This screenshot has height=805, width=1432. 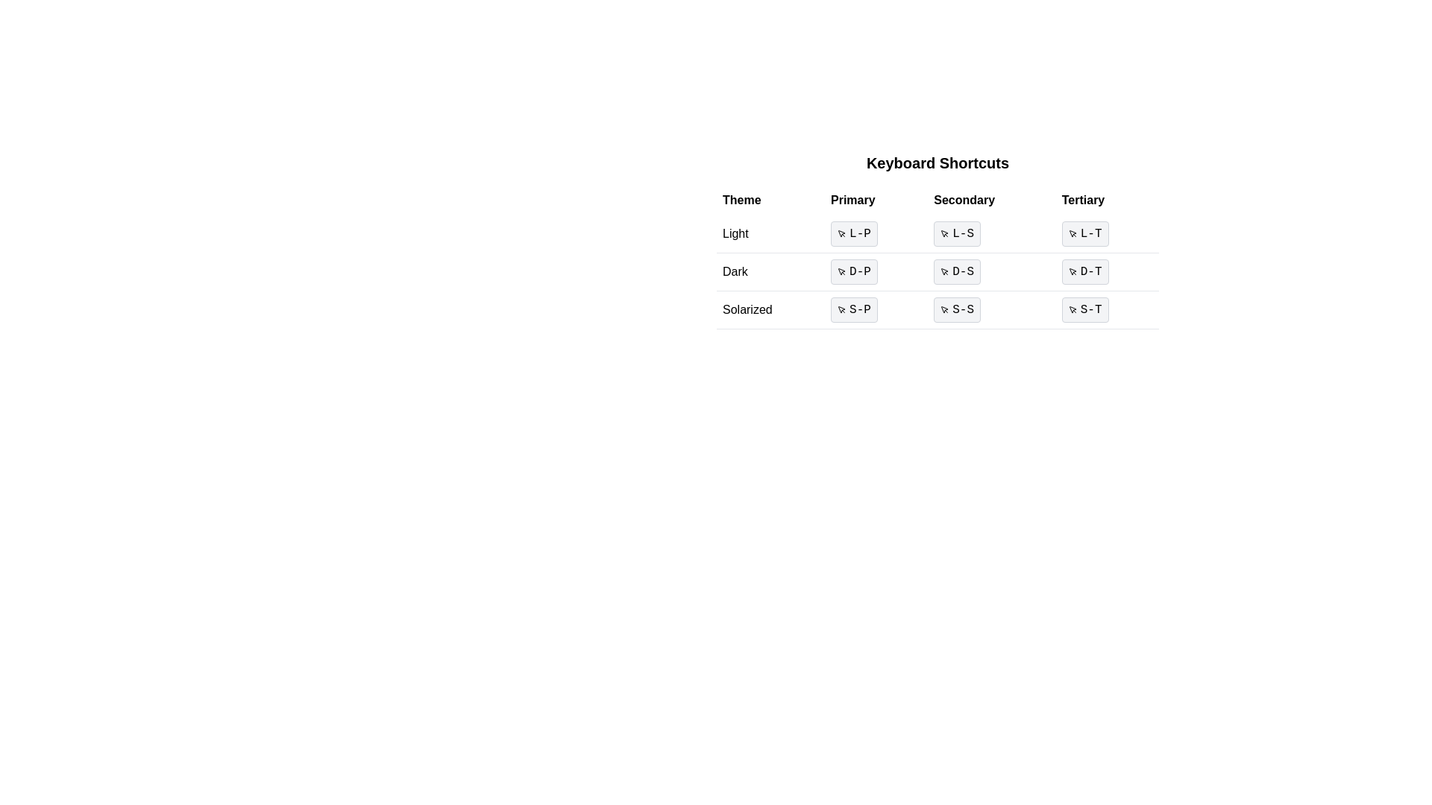 I want to click on the 'Tertiary' button in the 'Solarized' theme section, so click(x=1107, y=309).